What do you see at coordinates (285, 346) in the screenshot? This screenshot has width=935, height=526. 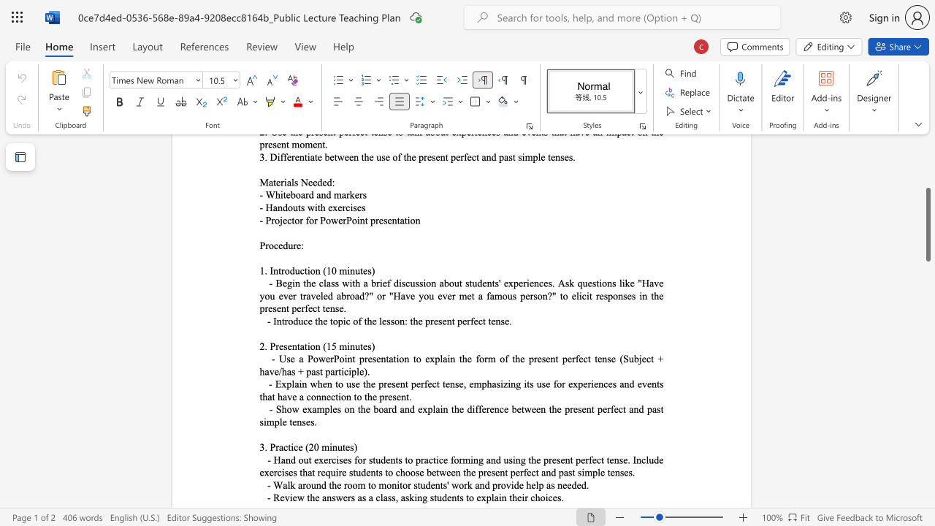 I see `the 1th character "s" in the text` at bounding box center [285, 346].